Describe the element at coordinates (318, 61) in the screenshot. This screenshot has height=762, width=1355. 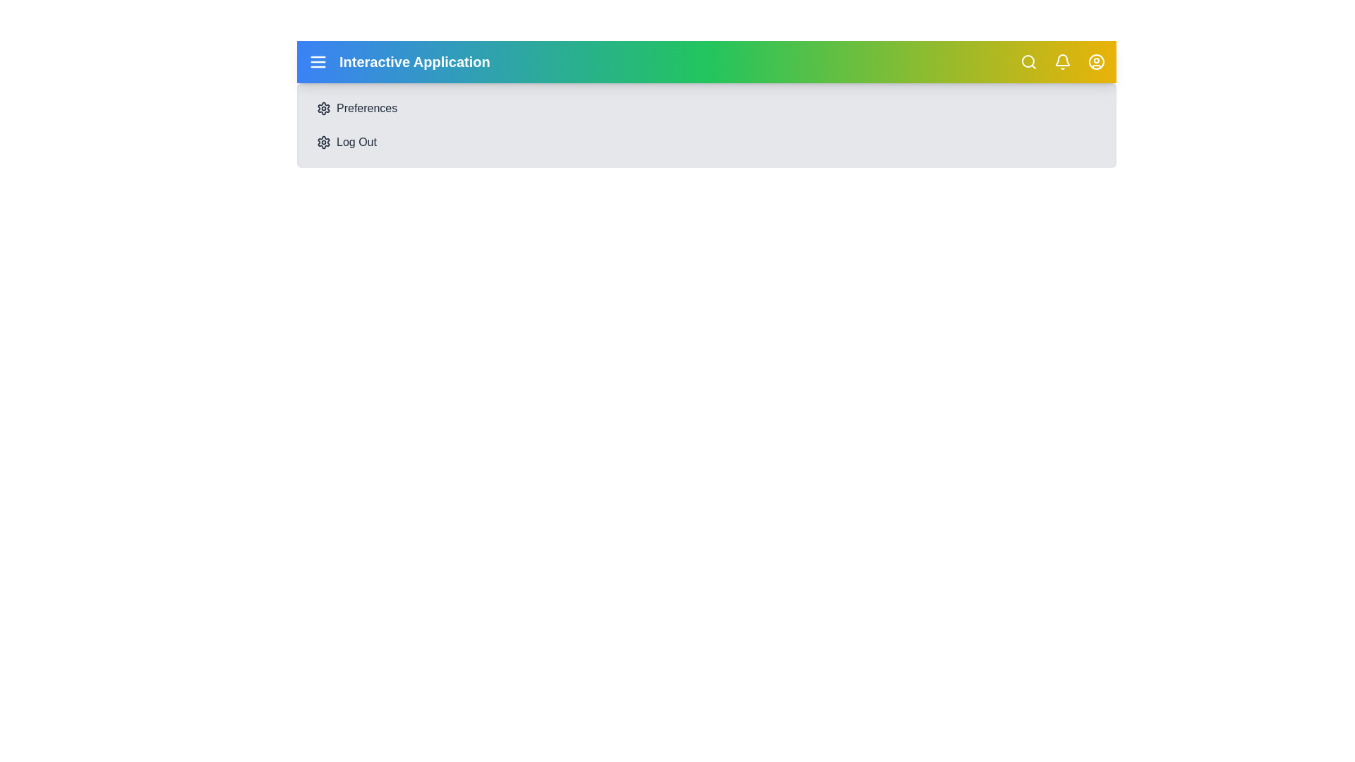
I see `the menu icon to toggle the menu visibility` at that location.